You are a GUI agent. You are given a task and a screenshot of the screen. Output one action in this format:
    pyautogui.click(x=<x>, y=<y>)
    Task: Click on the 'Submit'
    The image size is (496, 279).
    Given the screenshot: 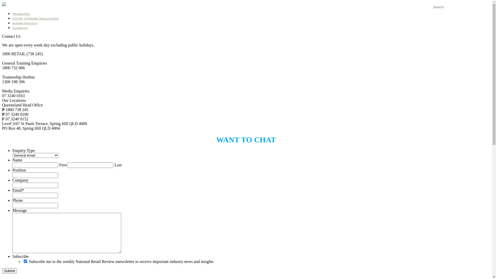 What is the action you would take?
    pyautogui.click(x=9, y=270)
    